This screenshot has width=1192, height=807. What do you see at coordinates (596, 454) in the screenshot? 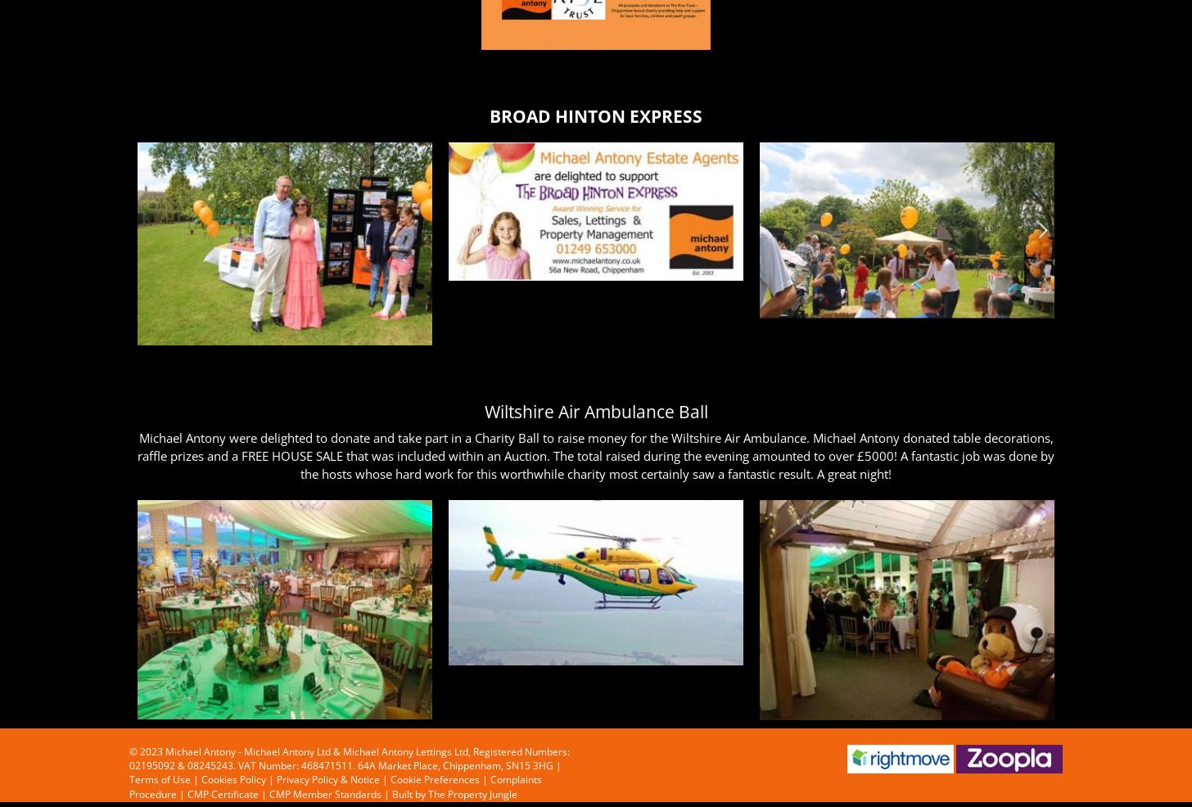
I see `'Michael Antony were delighted to donate and take part in a Charity Ball to raise money for the Wiltshire Air Ambulance. Michael Antony donated table decorations, raffle prizes and a FREE HOUSE SALE that was included within an Auction. The total raised during the evening amounted to over £5000! A fantastic job was done by the hosts whose hard work for this worthwhile charity most certainly saw a fantastic result. A great night!'` at bounding box center [596, 454].